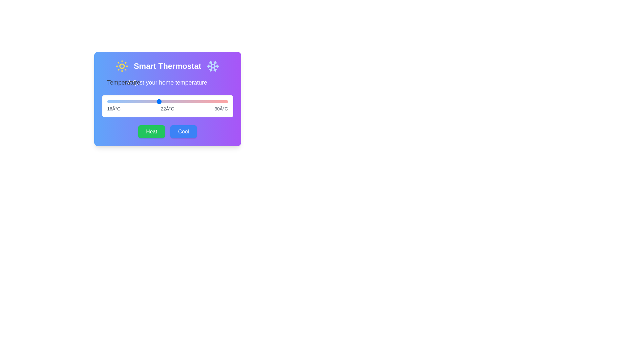  Describe the element at coordinates (193, 101) in the screenshot. I see `the temperature slider to 26 degrees Celsius` at that location.